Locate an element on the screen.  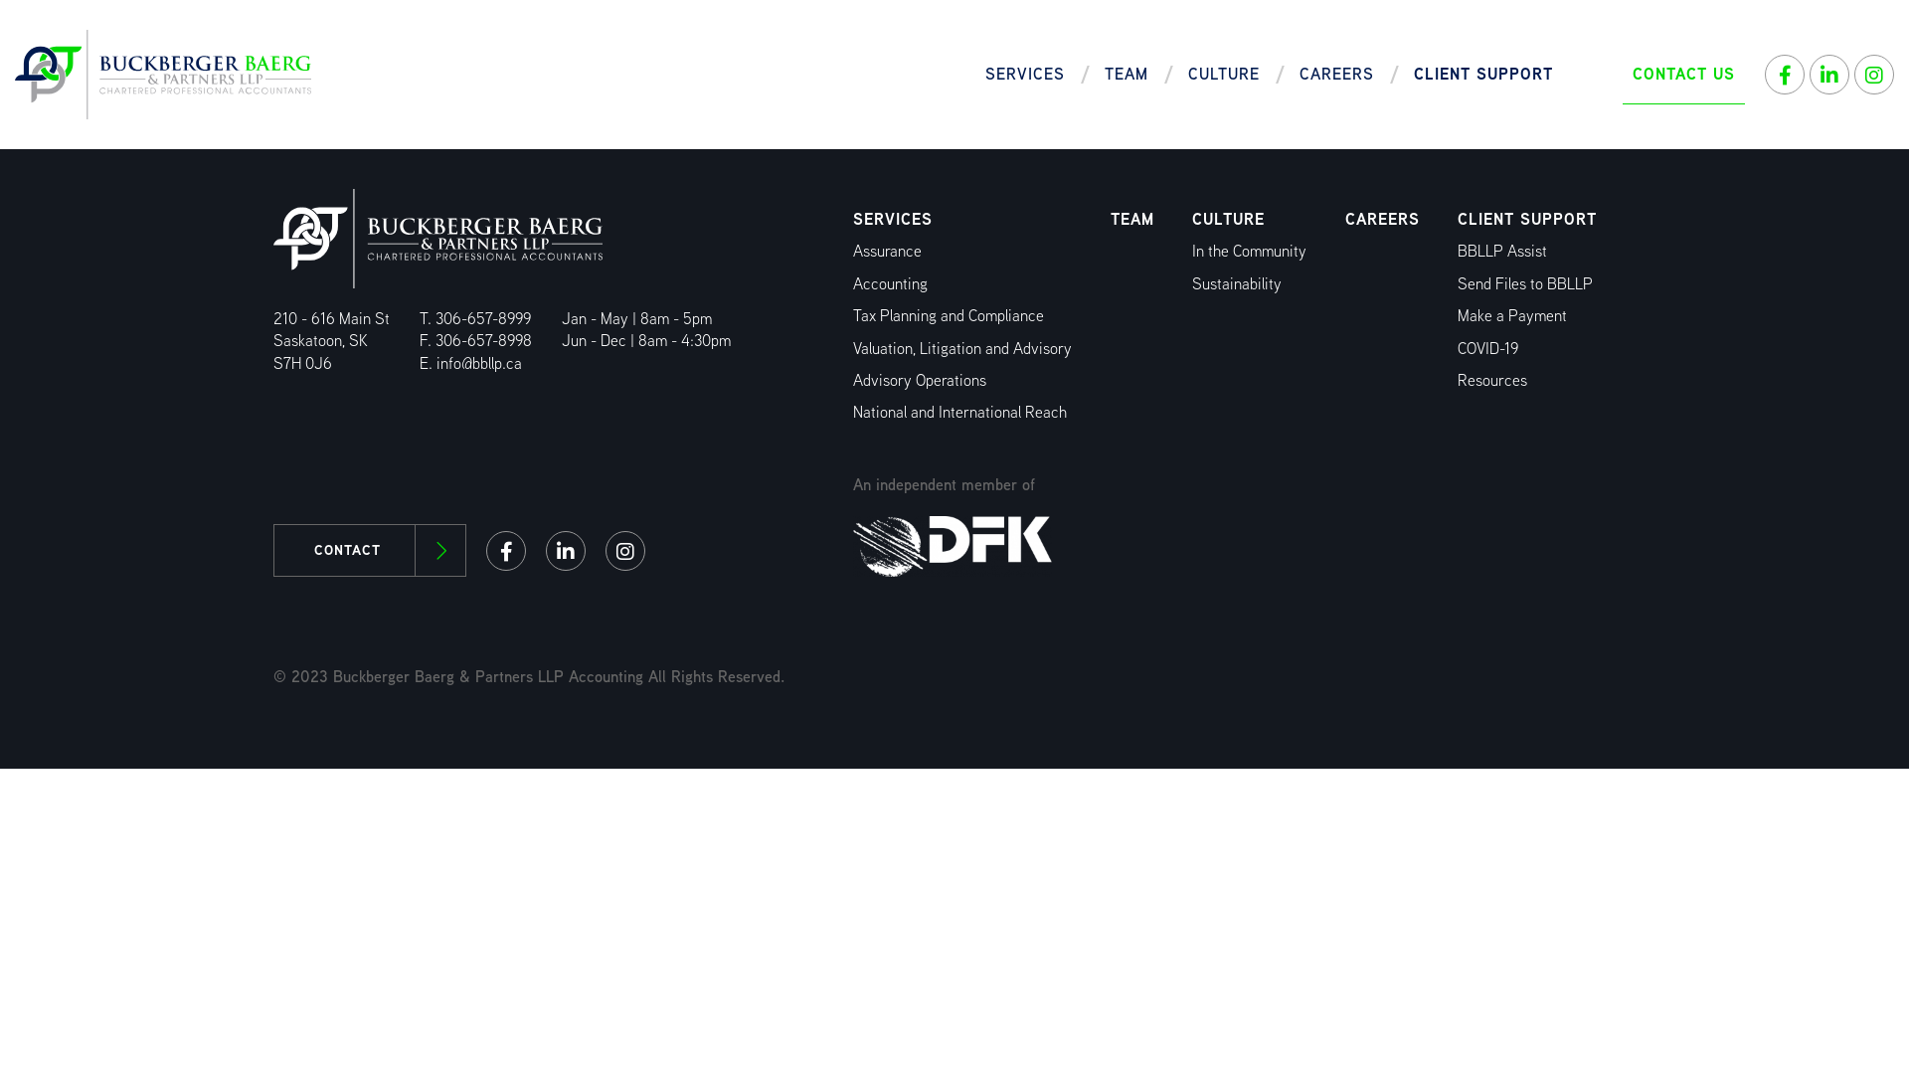
'Advisory Operations' is located at coordinates (919, 380).